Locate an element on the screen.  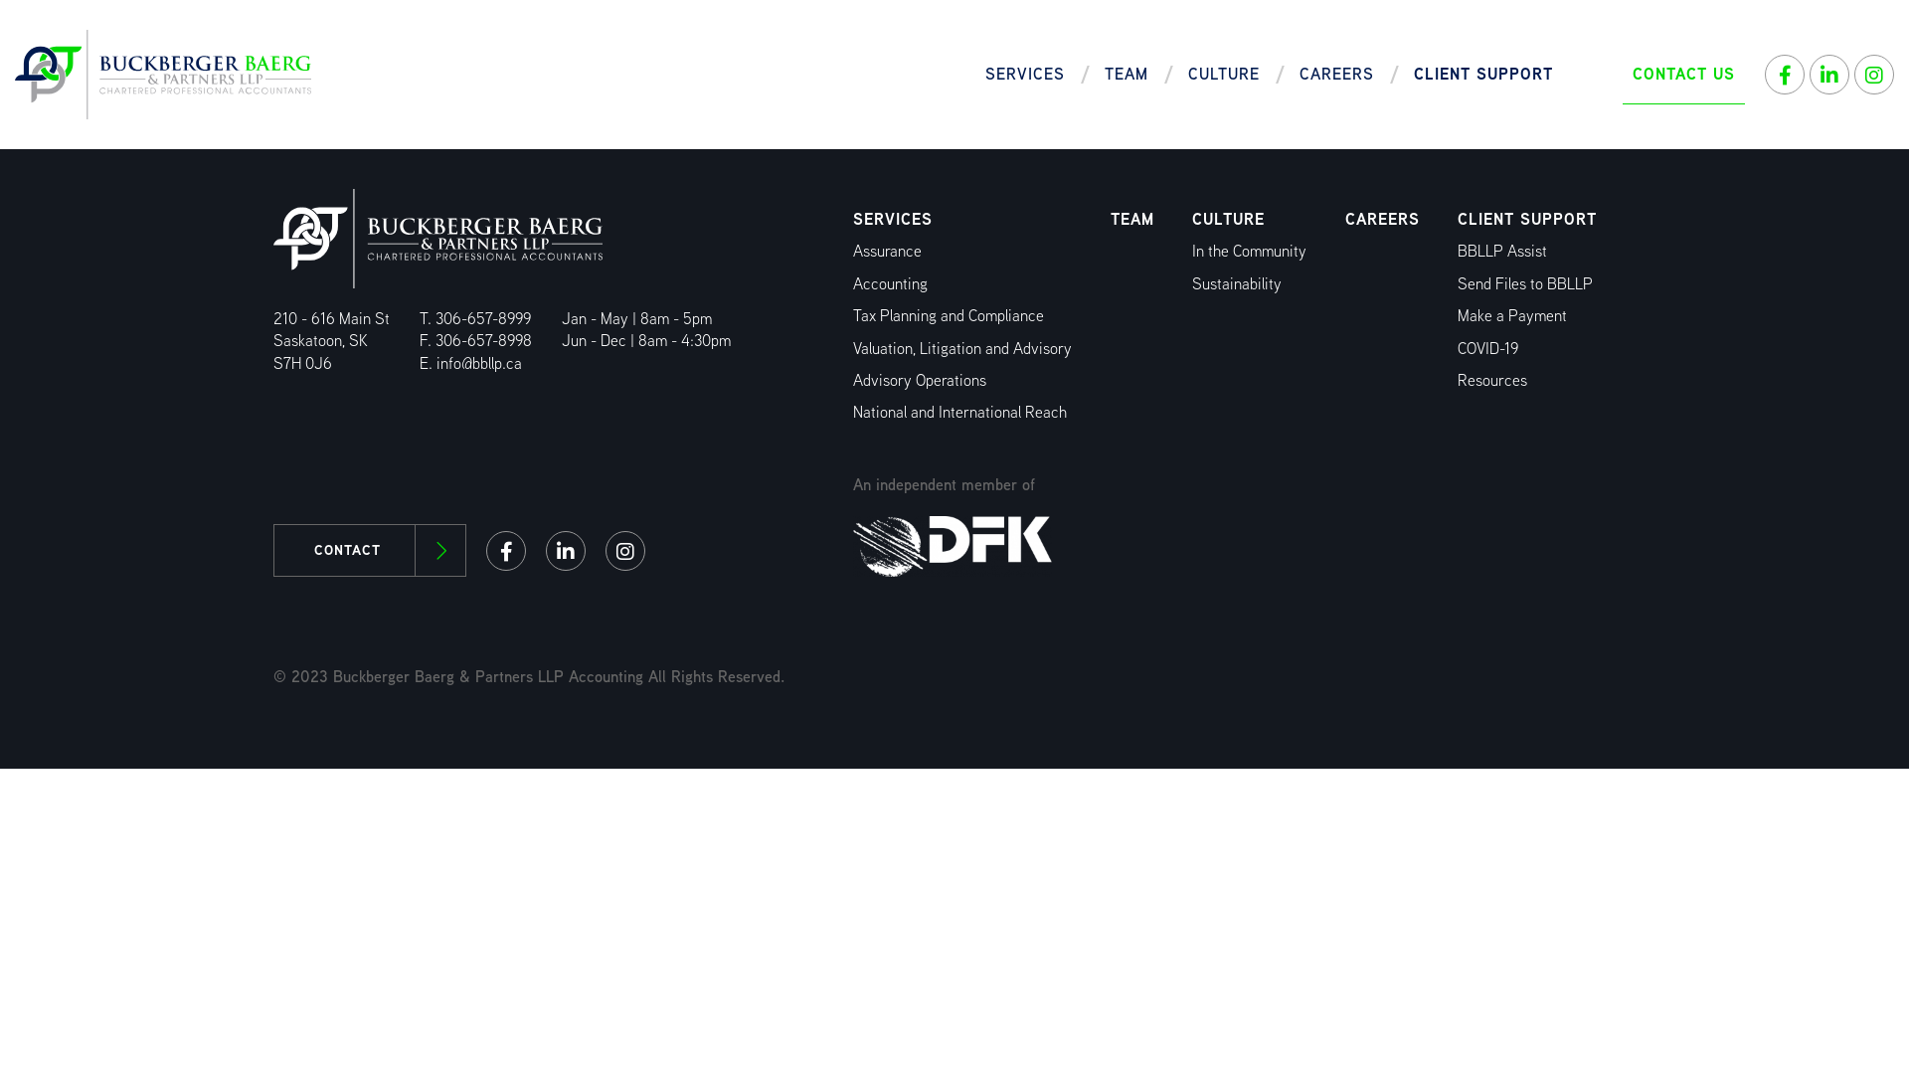
'Advisory Operations' is located at coordinates (919, 380).